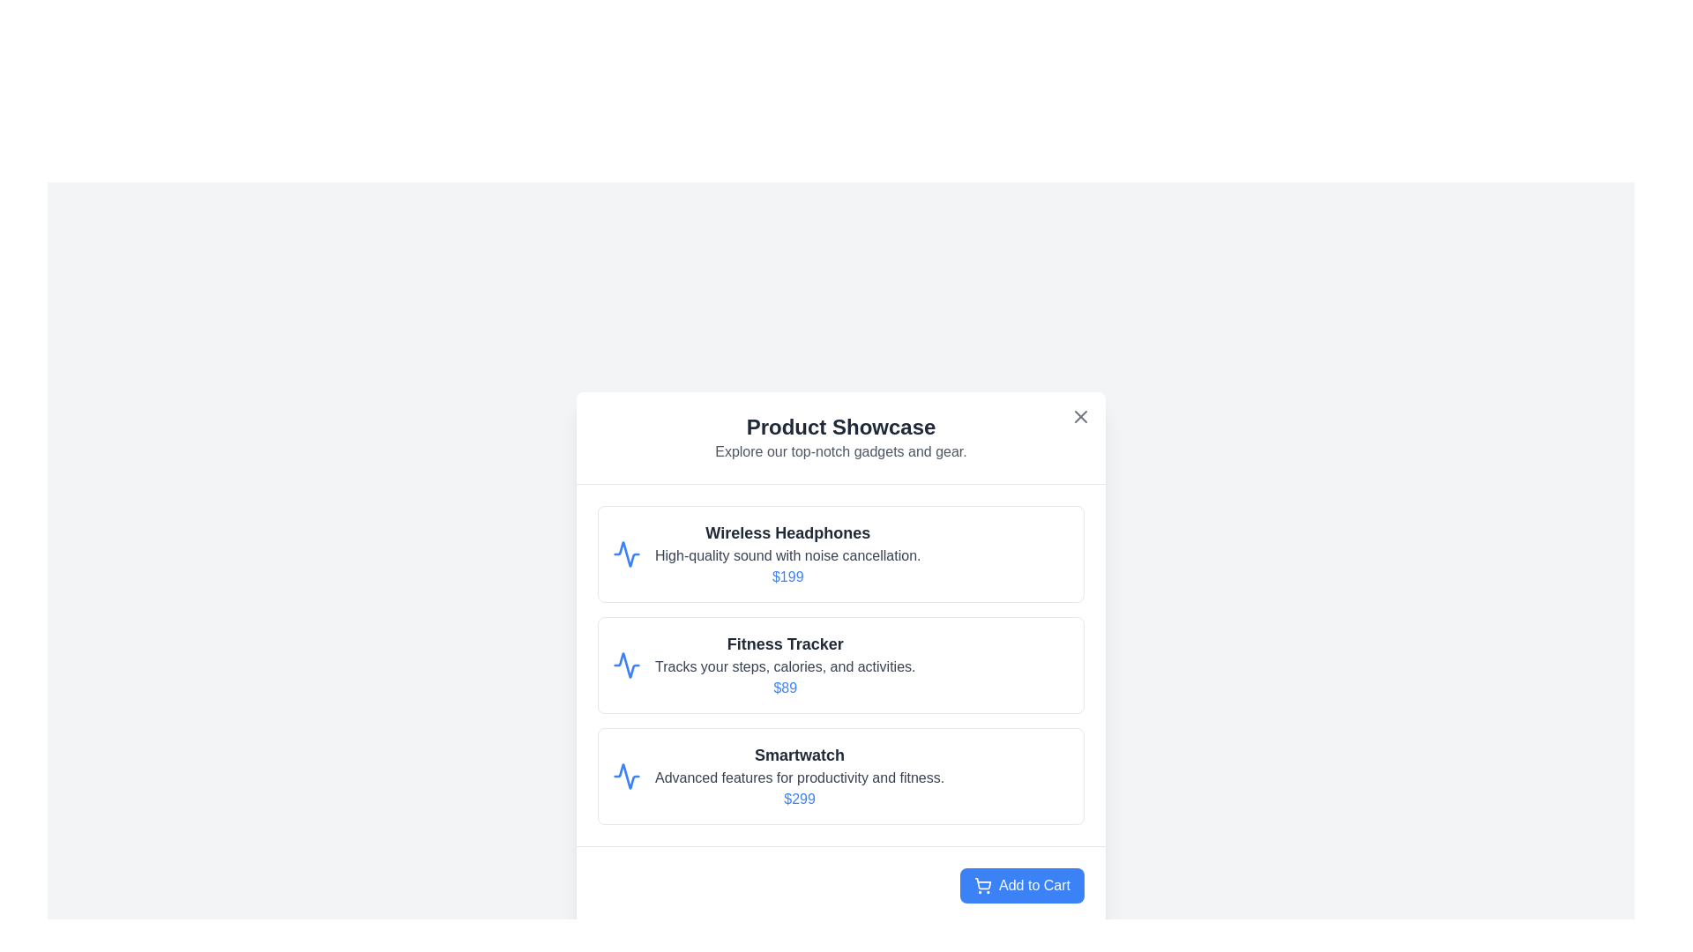 The width and height of the screenshot is (1693, 952). What do you see at coordinates (799, 777) in the screenshot?
I see `text label that provides a description of the features and benefits of the 'Smartwatch' product, located below the title 'Smartwatch' and above the price '$299'` at bounding box center [799, 777].